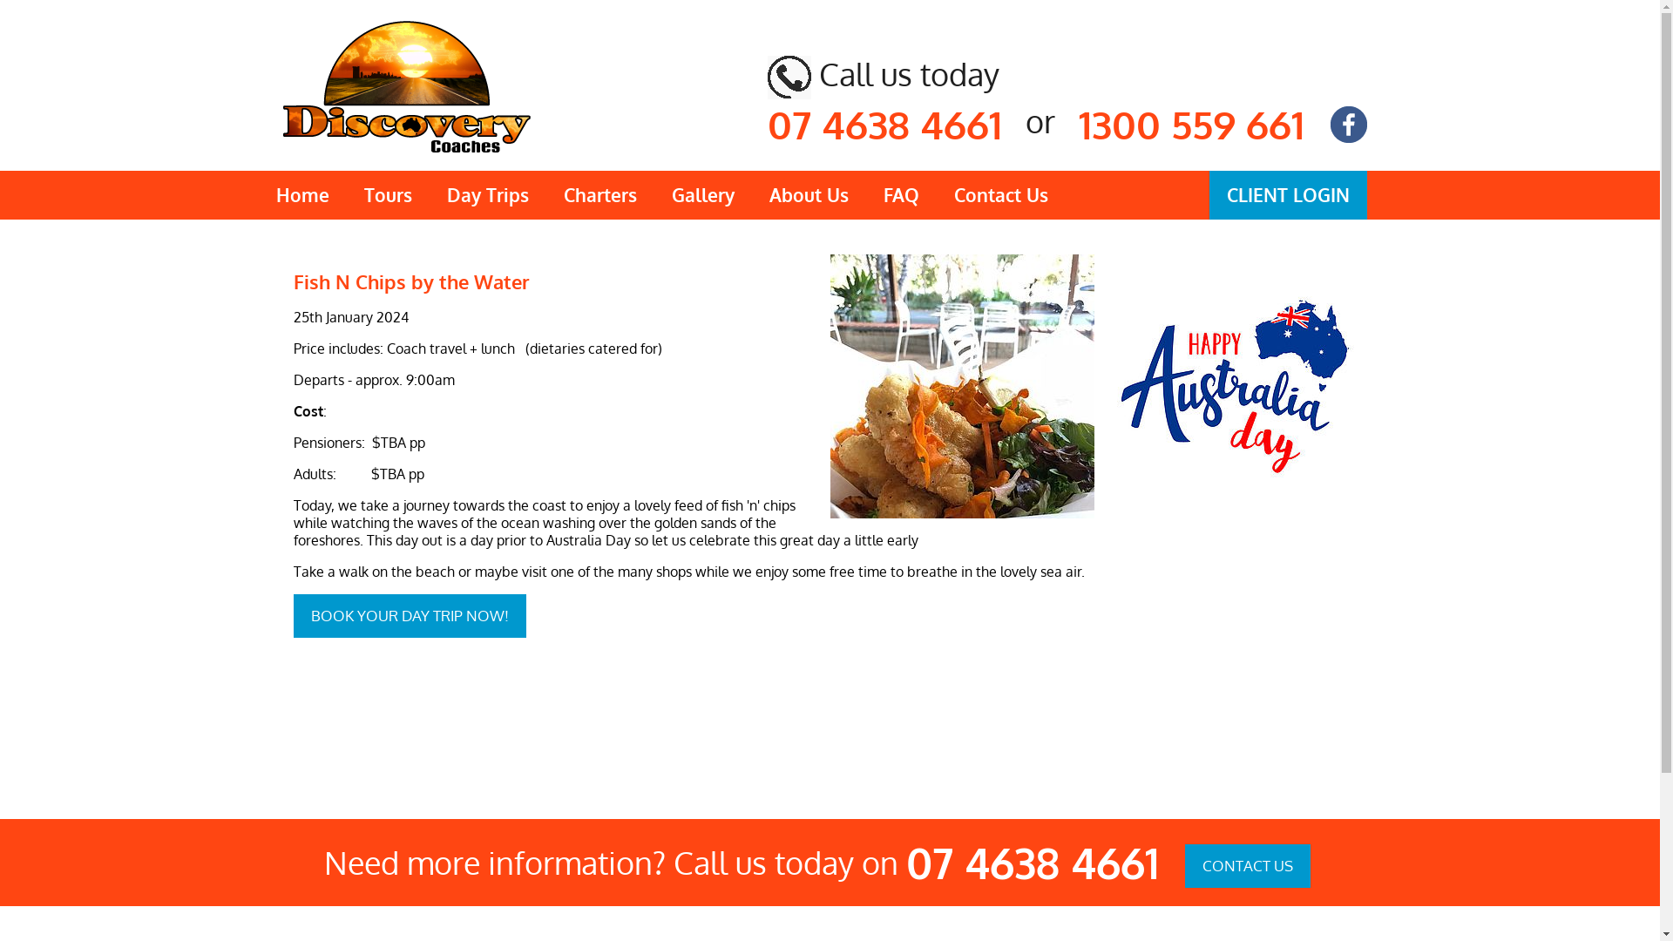 This screenshot has width=1673, height=941. Describe the element at coordinates (935, 194) in the screenshot. I see `'Contact Us'` at that location.